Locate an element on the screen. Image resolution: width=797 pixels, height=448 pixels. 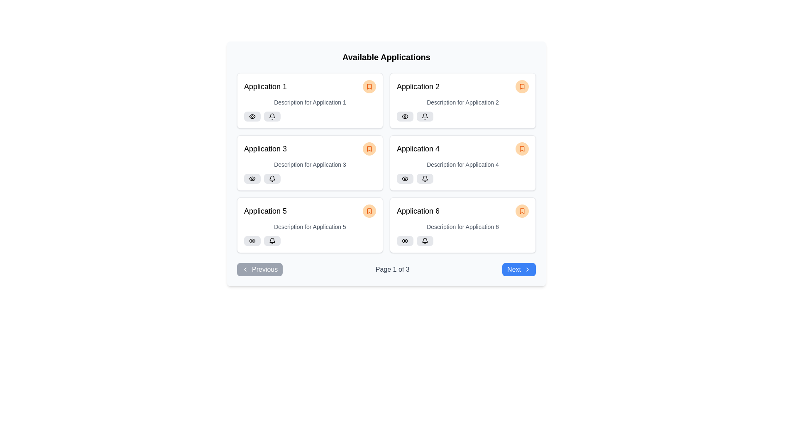
the text label displaying 'Description for Application 5', which is located under the title 'Application 5' within a rounded, shadowed white card in the bottom left section of the layout is located at coordinates (310, 227).